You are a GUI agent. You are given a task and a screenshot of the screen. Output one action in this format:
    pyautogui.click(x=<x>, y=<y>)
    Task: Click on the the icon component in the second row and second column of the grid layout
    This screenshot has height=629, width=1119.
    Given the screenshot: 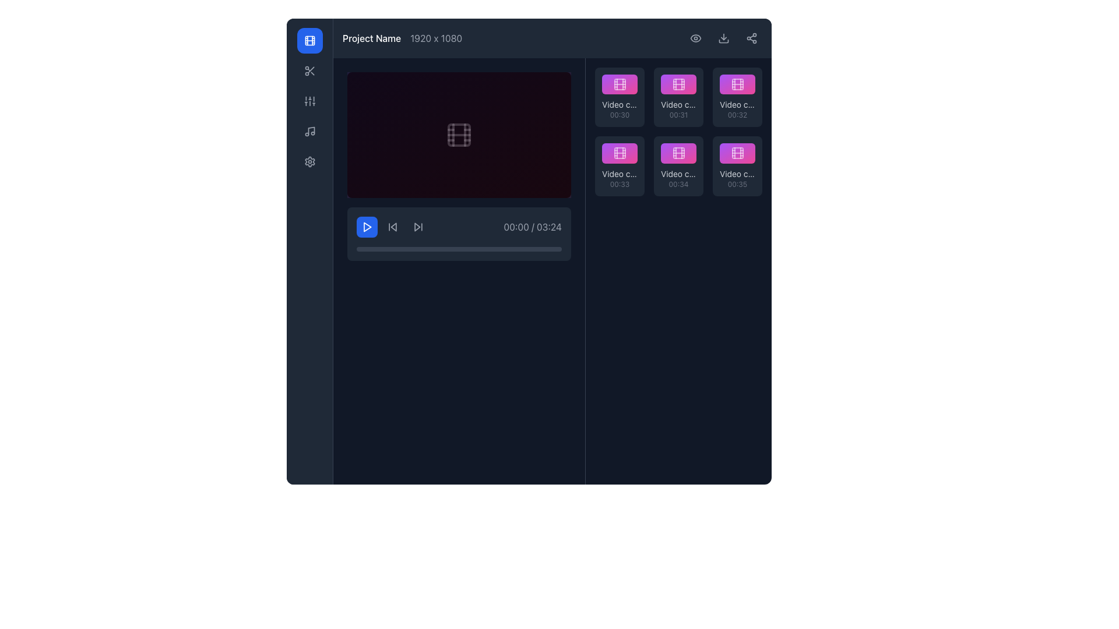 What is the action you would take?
    pyautogui.click(x=678, y=84)
    